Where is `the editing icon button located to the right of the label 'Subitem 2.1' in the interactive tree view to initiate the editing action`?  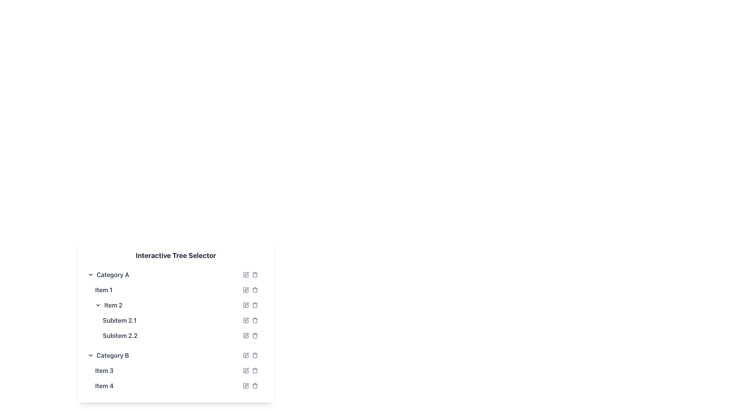 the editing icon button located to the right of the label 'Subitem 2.1' in the interactive tree view to initiate the editing action is located at coordinates (247, 320).